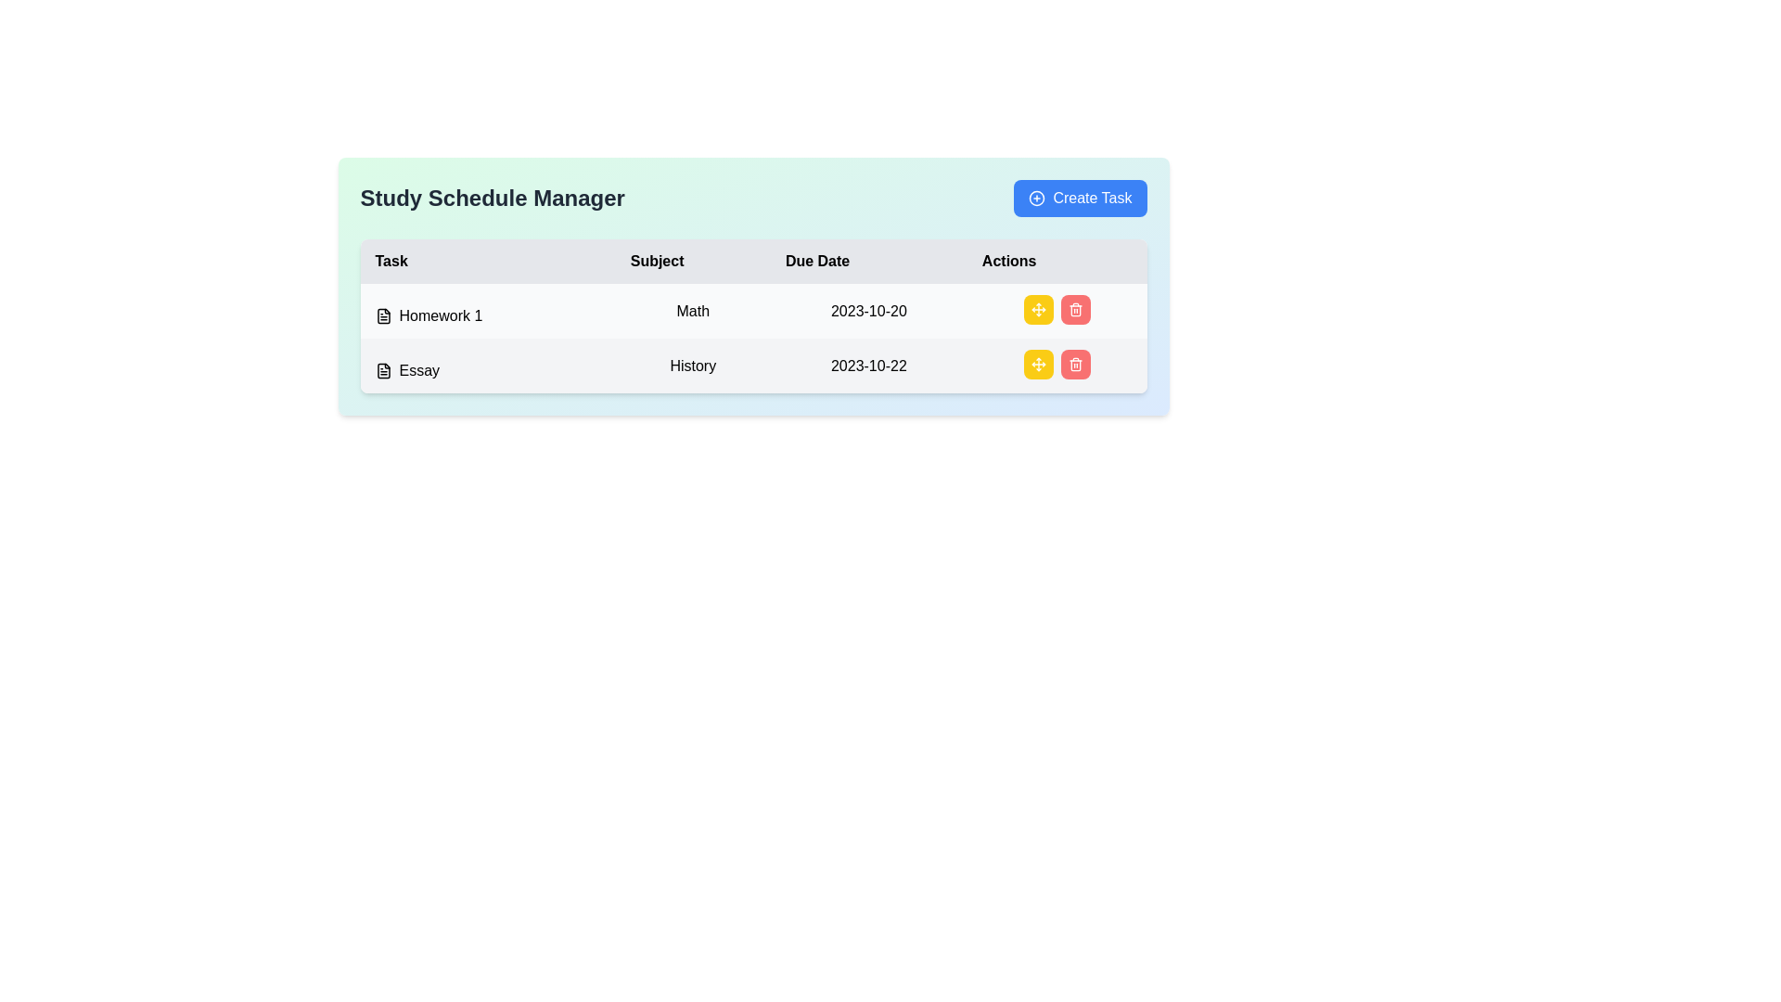 This screenshot has height=1002, width=1781. Describe the element at coordinates (1037, 309) in the screenshot. I see `the move button in the Actions column of the lower table row, which has a yellow background indicating interactivity` at that location.